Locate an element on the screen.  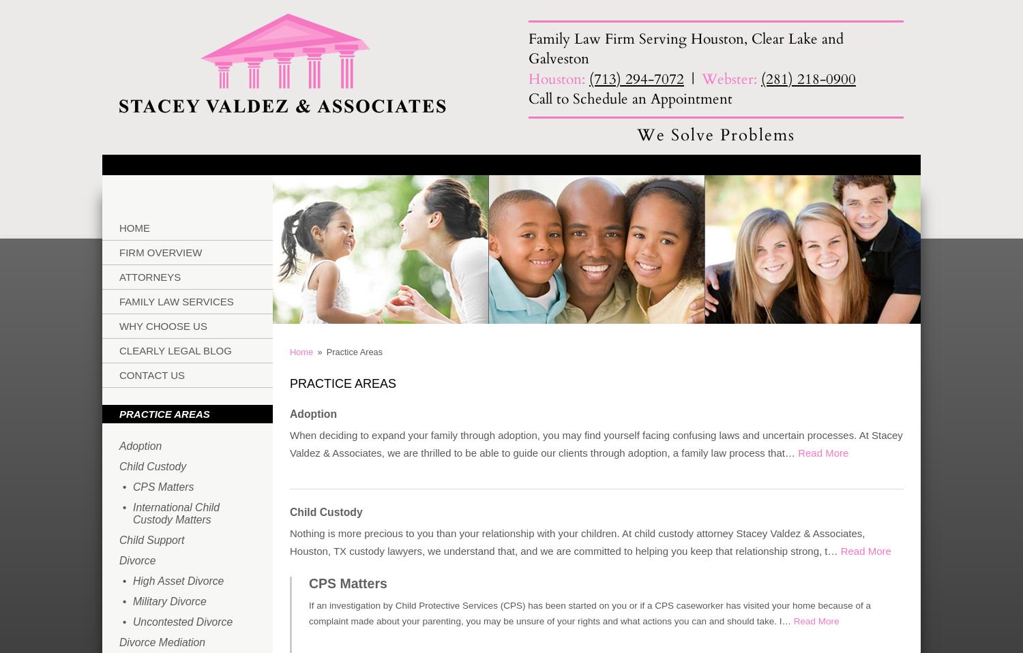
'Child Support' is located at coordinates (151, 540).